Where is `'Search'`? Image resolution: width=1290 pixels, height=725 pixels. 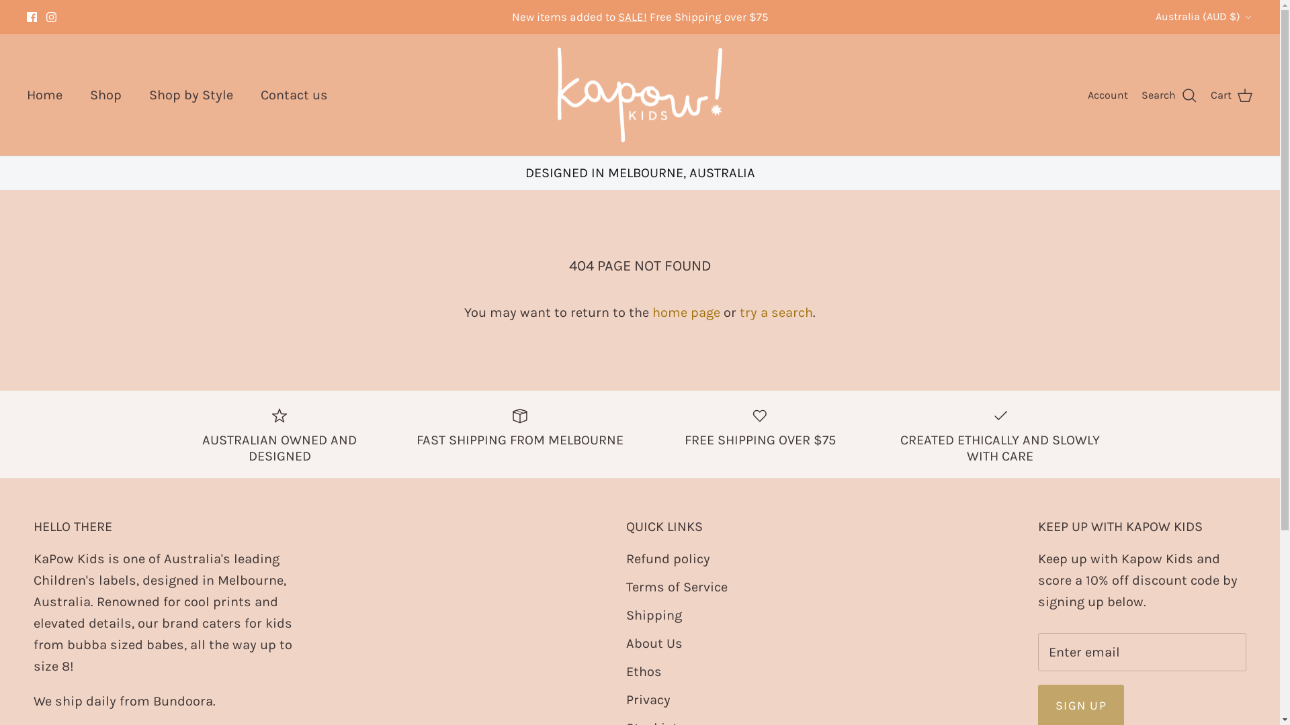 'Search' is located at coordinates (1141, 95).